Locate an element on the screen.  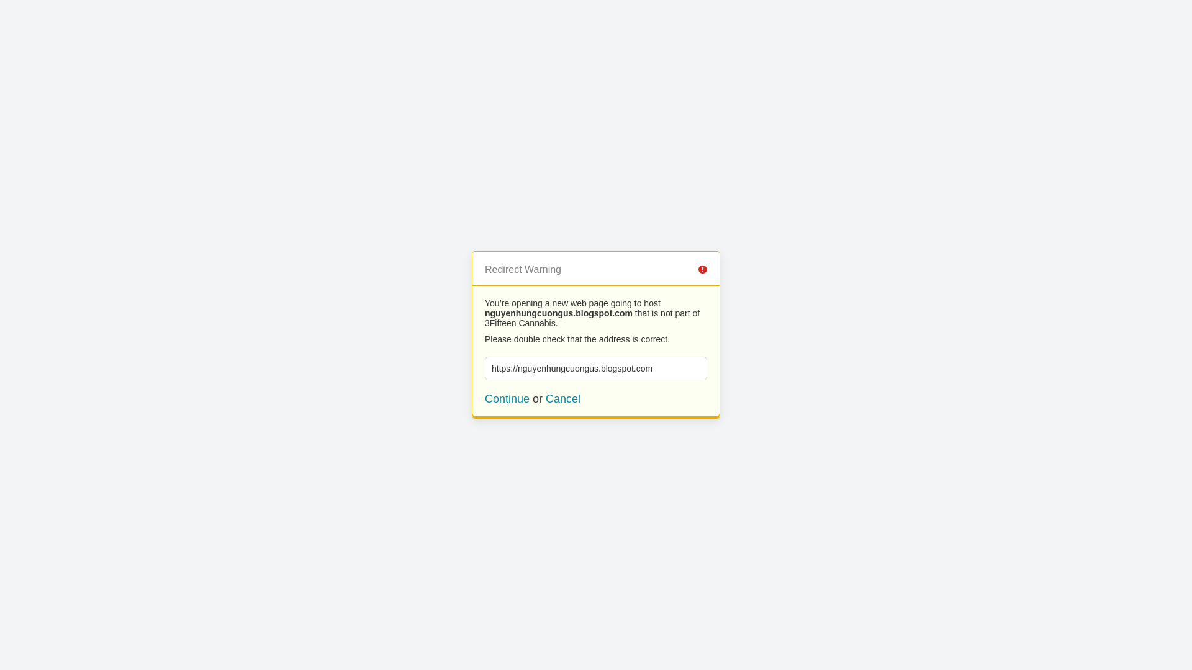
'Cancel' is located at coordinates (545, 399).